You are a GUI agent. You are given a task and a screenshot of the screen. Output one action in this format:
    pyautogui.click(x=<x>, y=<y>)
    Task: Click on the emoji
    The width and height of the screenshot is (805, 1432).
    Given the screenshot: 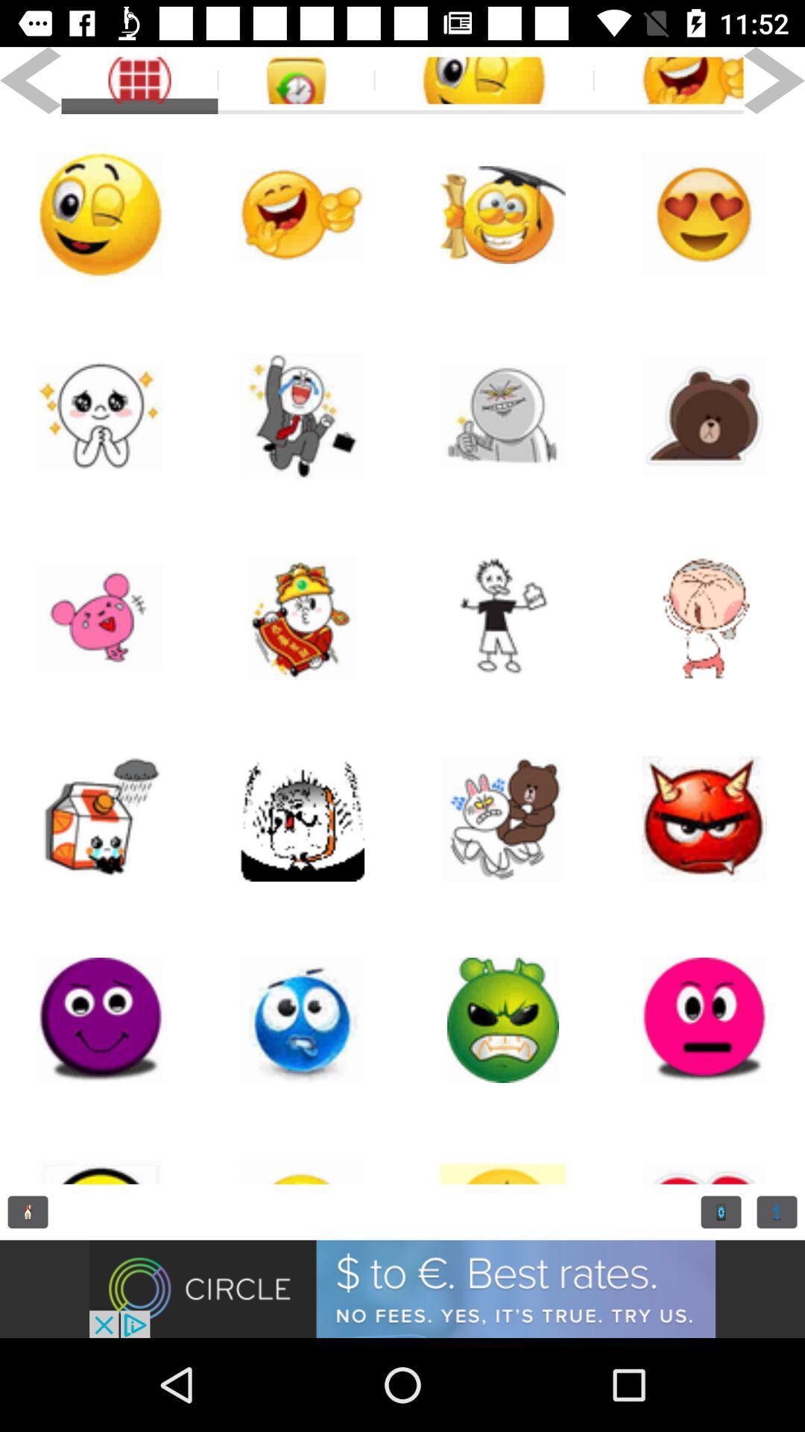 What is the action you would take?
    pyautogui.click(x=668, y=80)
    